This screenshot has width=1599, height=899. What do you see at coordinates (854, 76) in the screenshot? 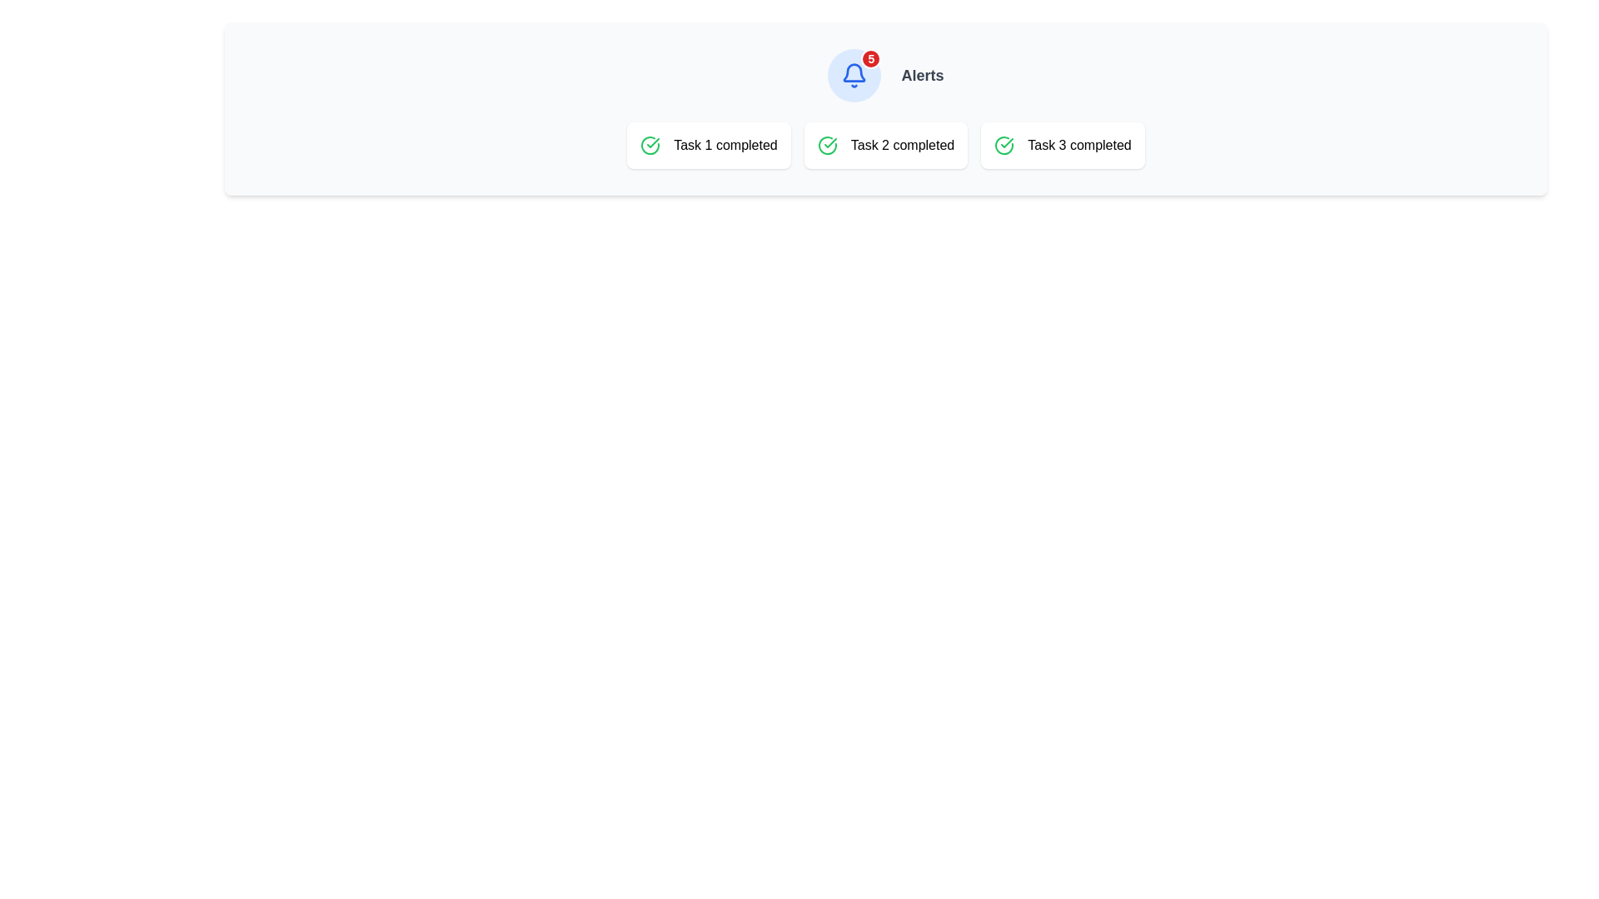
I see `the circular button with a blue background and bell icon, which has a red badge displaying '5' in white text, located to the left of the 'Alerts' text` at bounding box center [854, 76].